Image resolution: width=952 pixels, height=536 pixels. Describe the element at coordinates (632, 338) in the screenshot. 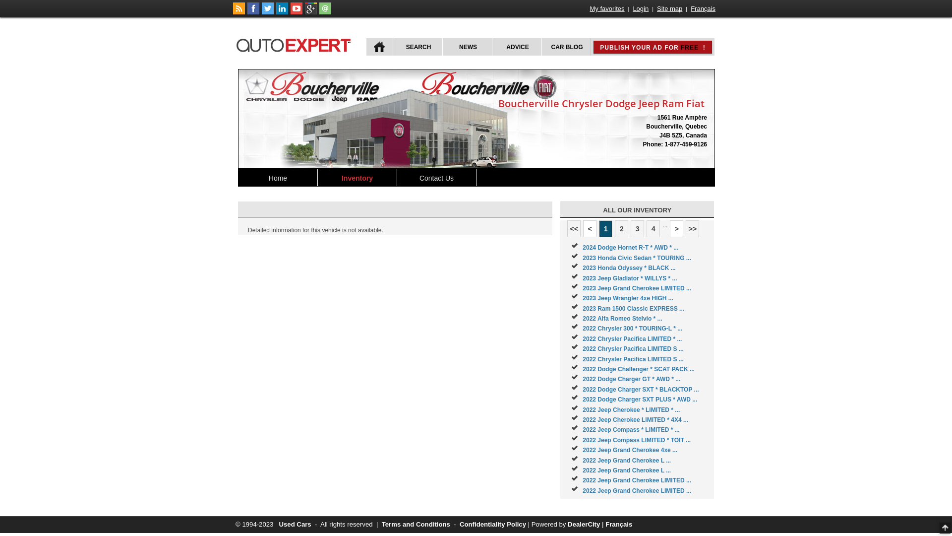

I see `'2022 Chrysler Pacifica LIMITED * ...'` at that location.